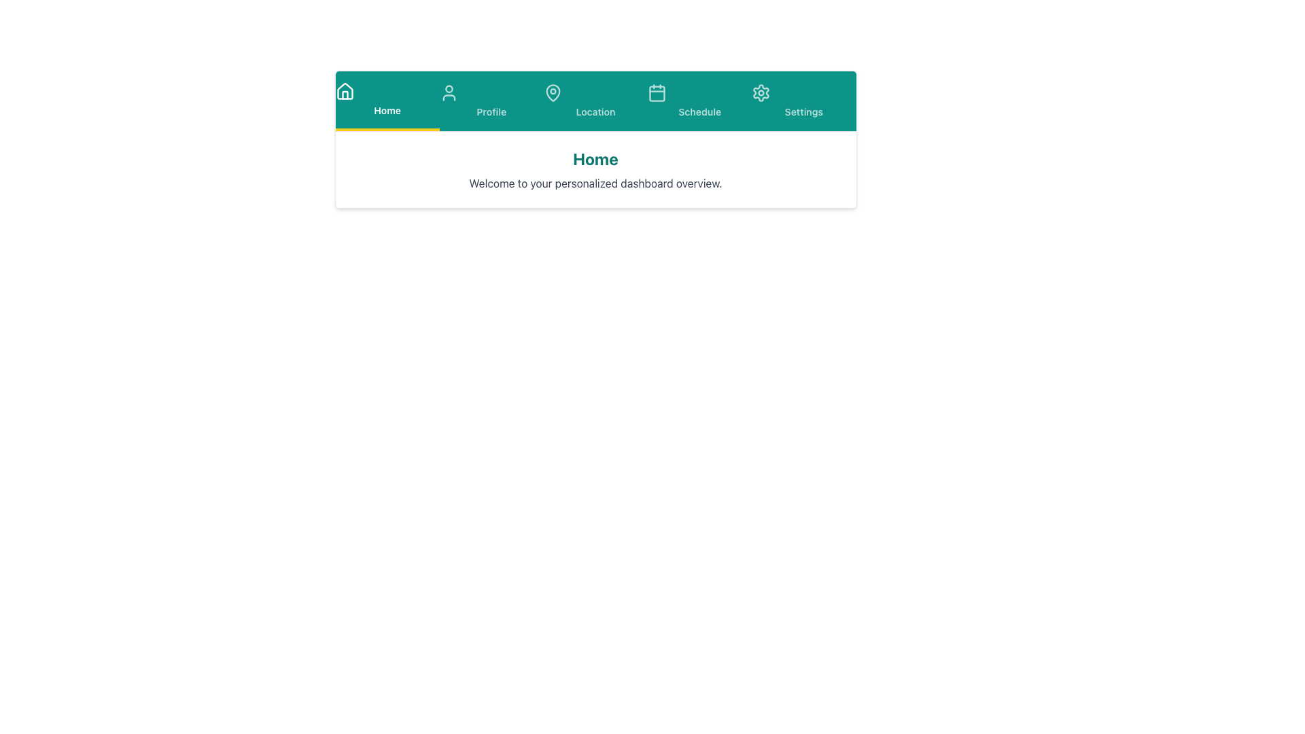 The height and width of the screenshot is (734, 1305). I want to click on the curved line or arc in the lower section of the user profile icon located in the 'Profile' tab on the top navigation bar, so click(449, 97).